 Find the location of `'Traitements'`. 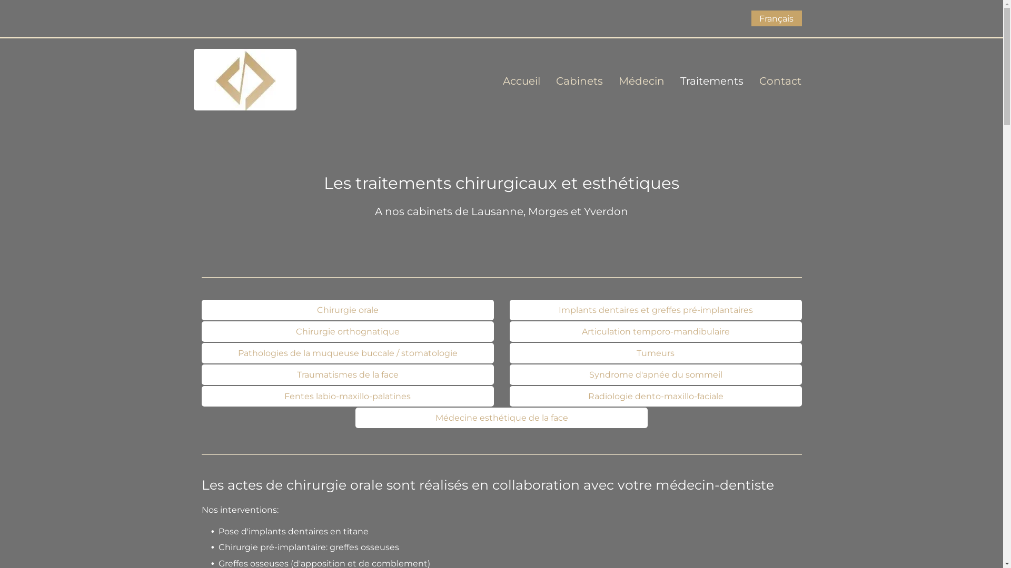

'Traitements' is located at coordinates (704, 80).